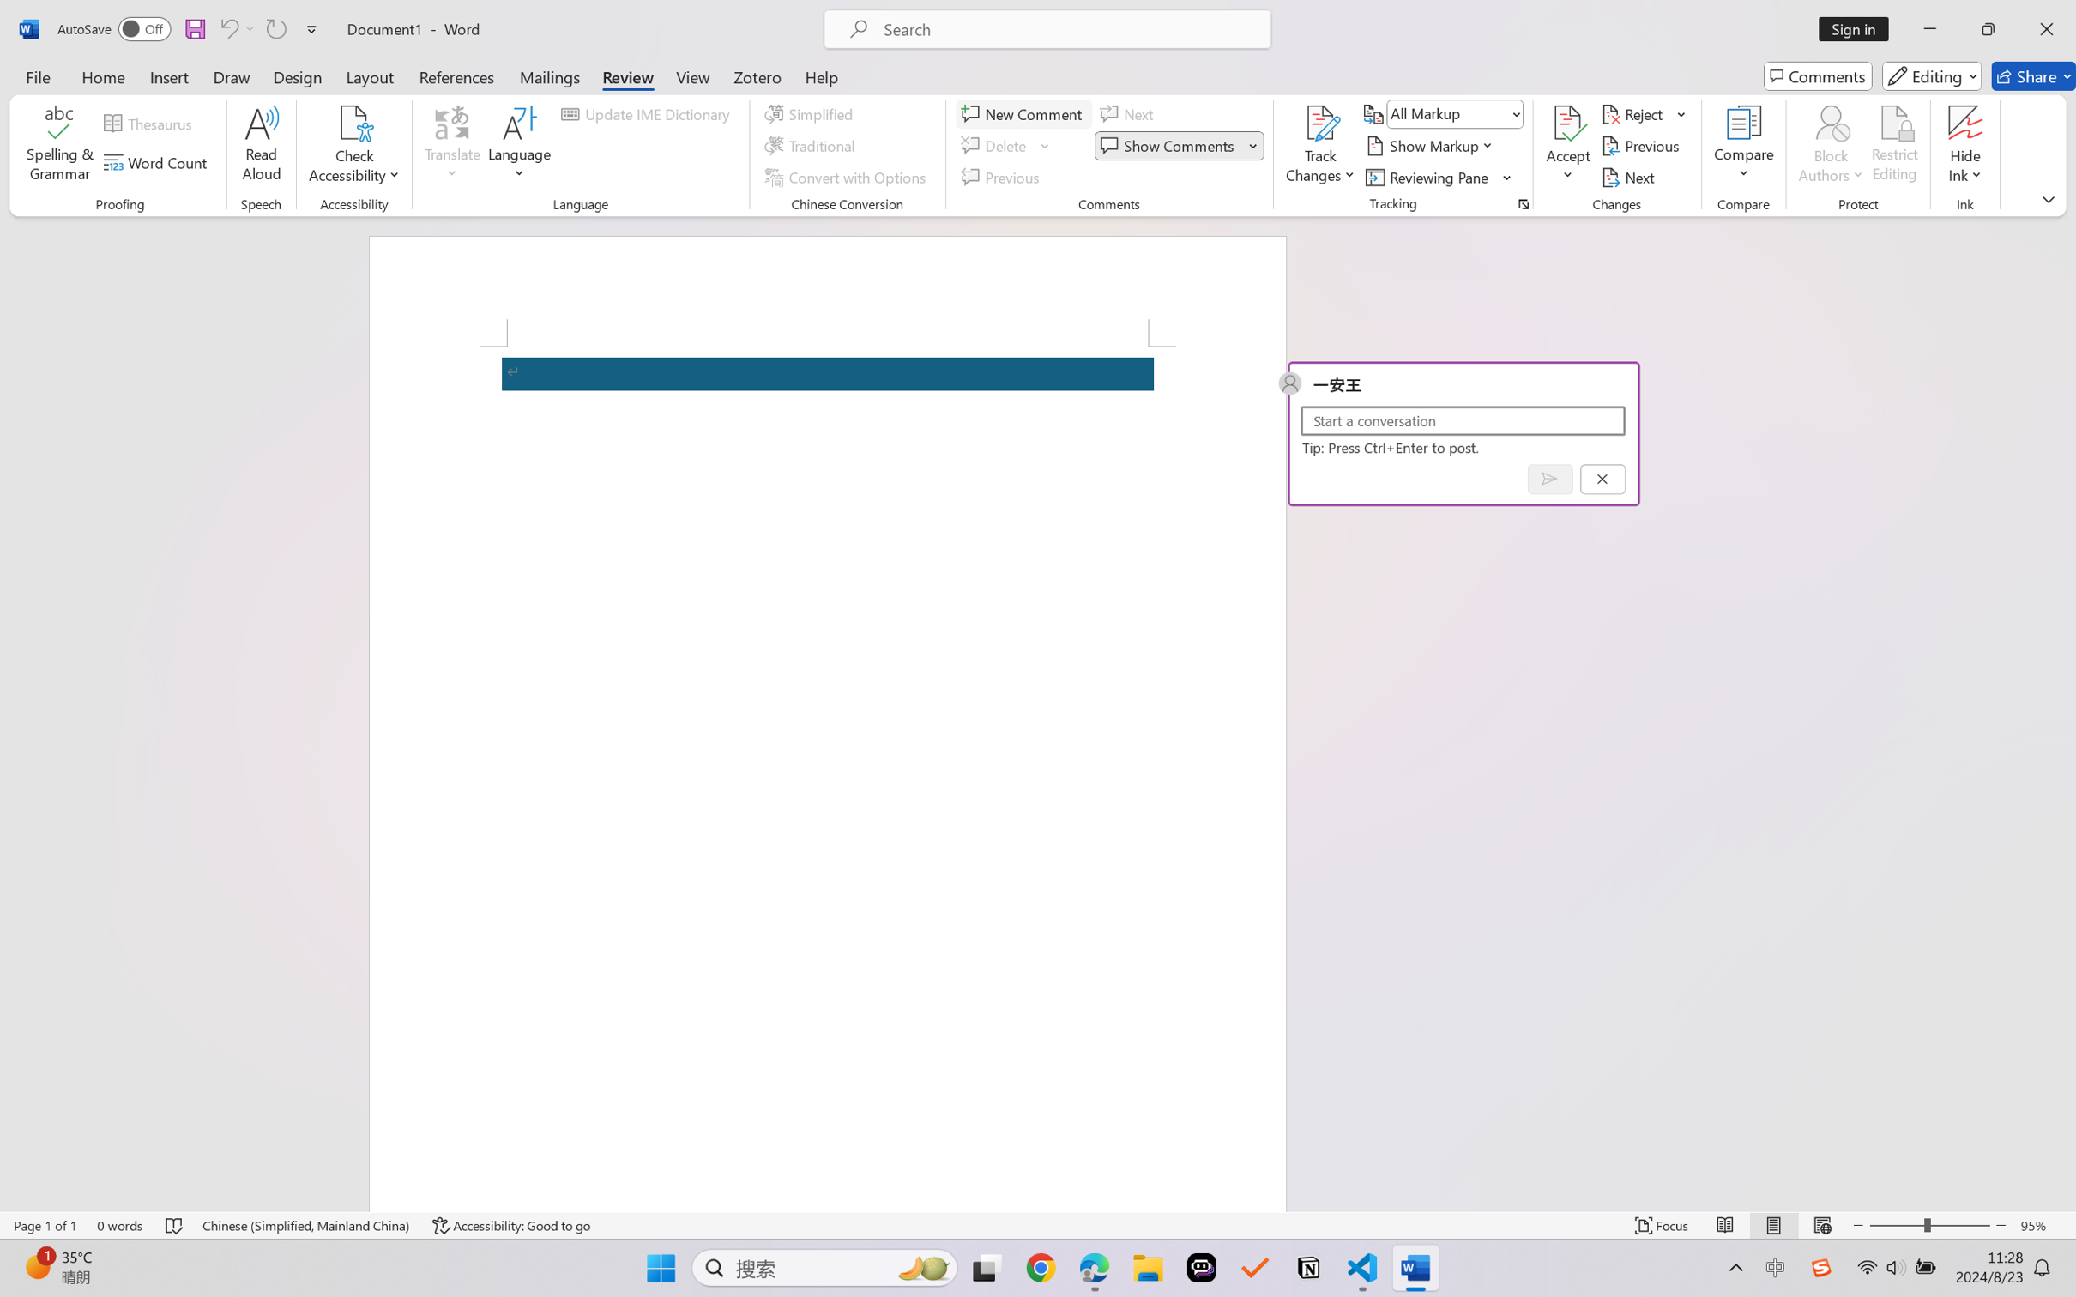 This screenshot has height=1297, width=2076. I want to click on 'Hide Ink', so click(1965, 146).